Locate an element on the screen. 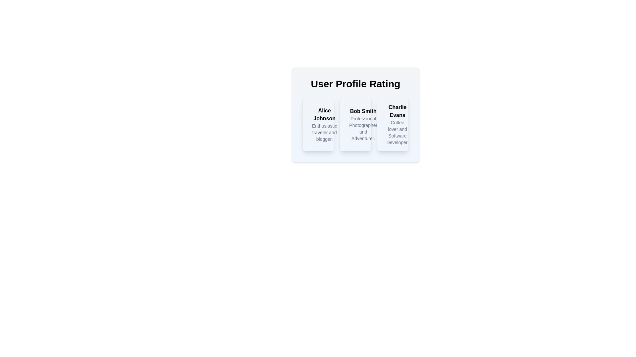 The height and width of the screenshot is (357, 636). content displayed for the user profile named 'Bob Smith', located in the second card from the left in a grid of three cards, directly below the main heading 'User Profile Rating' is located at coordinates (355, 125).